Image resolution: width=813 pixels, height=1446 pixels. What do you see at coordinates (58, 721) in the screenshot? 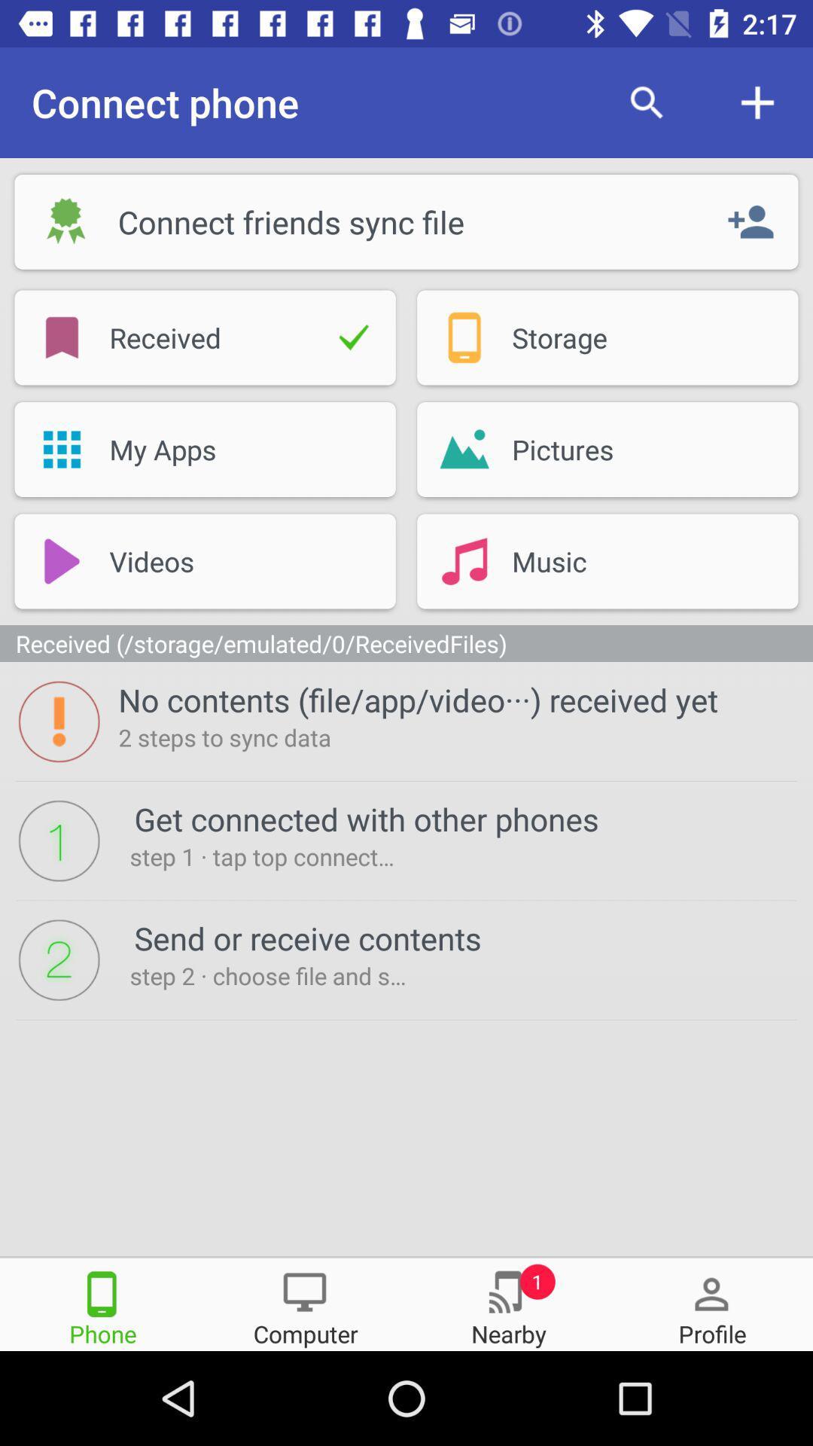
I see `the icon which is left to no contents` at bounding box center [58, 721].